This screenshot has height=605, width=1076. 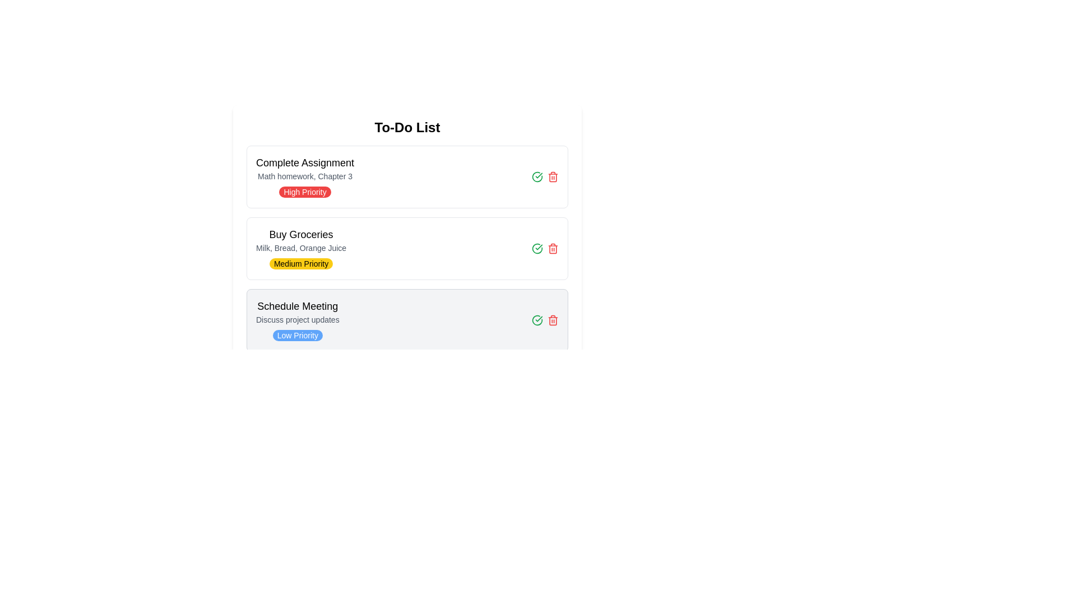 What do you see at coordinates (553, 321) in the screenshot?
I see `the trash can icon component, which symbolizes a delete action for the associated task entry` at bounding box center [553, 321].